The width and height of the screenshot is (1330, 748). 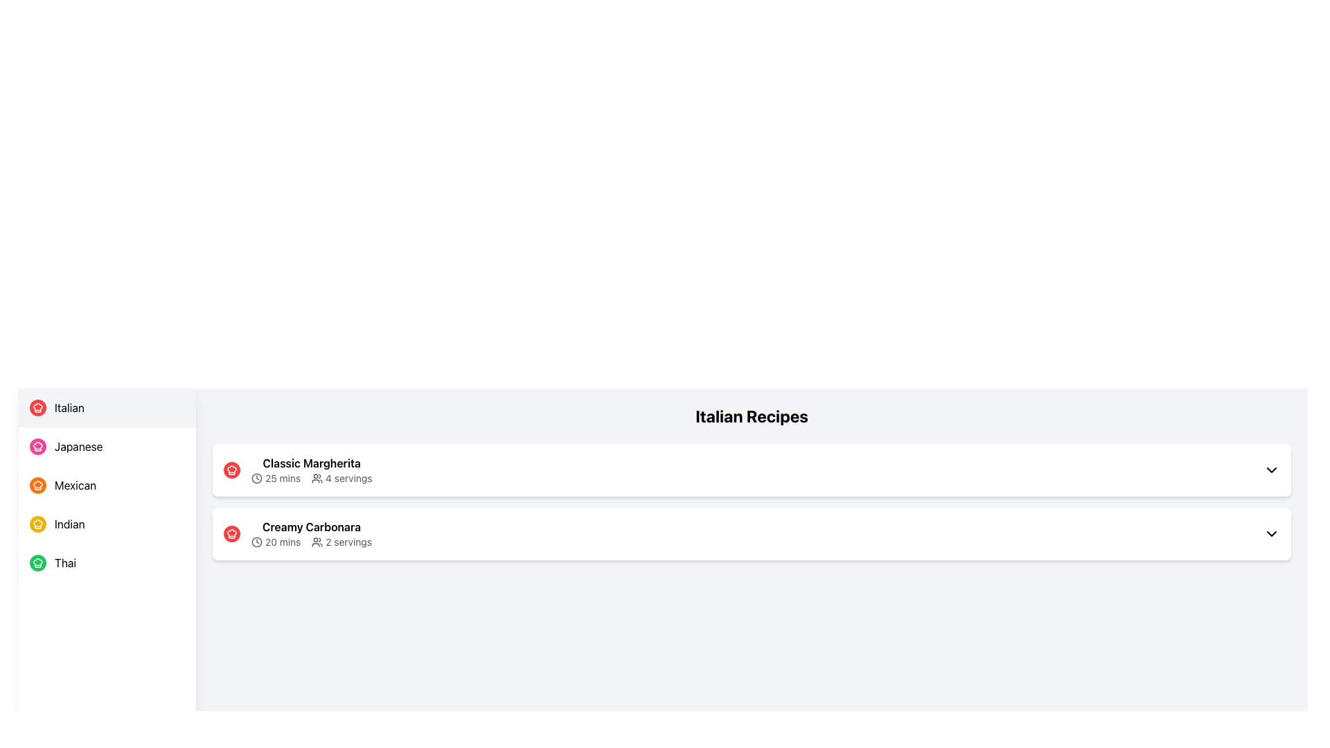 What do you see at coordinates (1272, 469) in the screenshot?
I see `the small downward-pointing chevron-shaped icon with a thin black outline located in the upper-right corner of the 'Classic Margherita' card` at bounding box center [1272, 469].